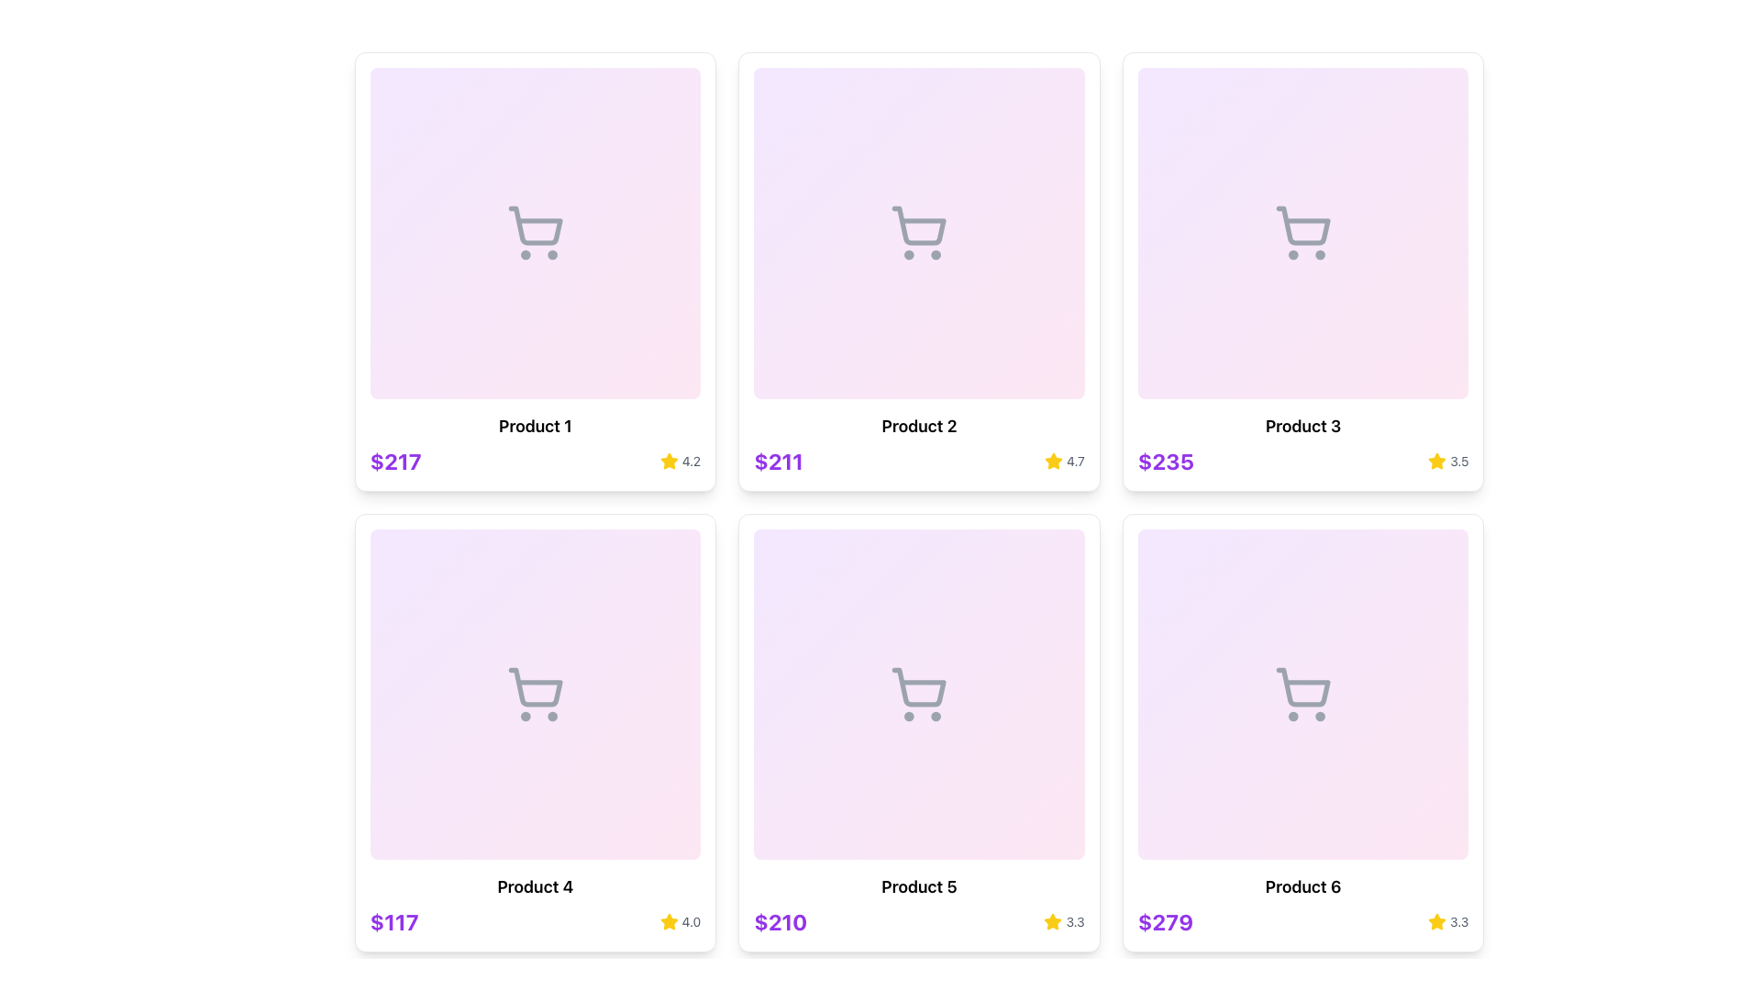 This screenshot has width=1761, height=991. Describe the element at coordinates (919, 232) in the screenshot. I see `the shopping icon located in the center of the card labeled 'Product 2' with a price of '$211'` at that location.